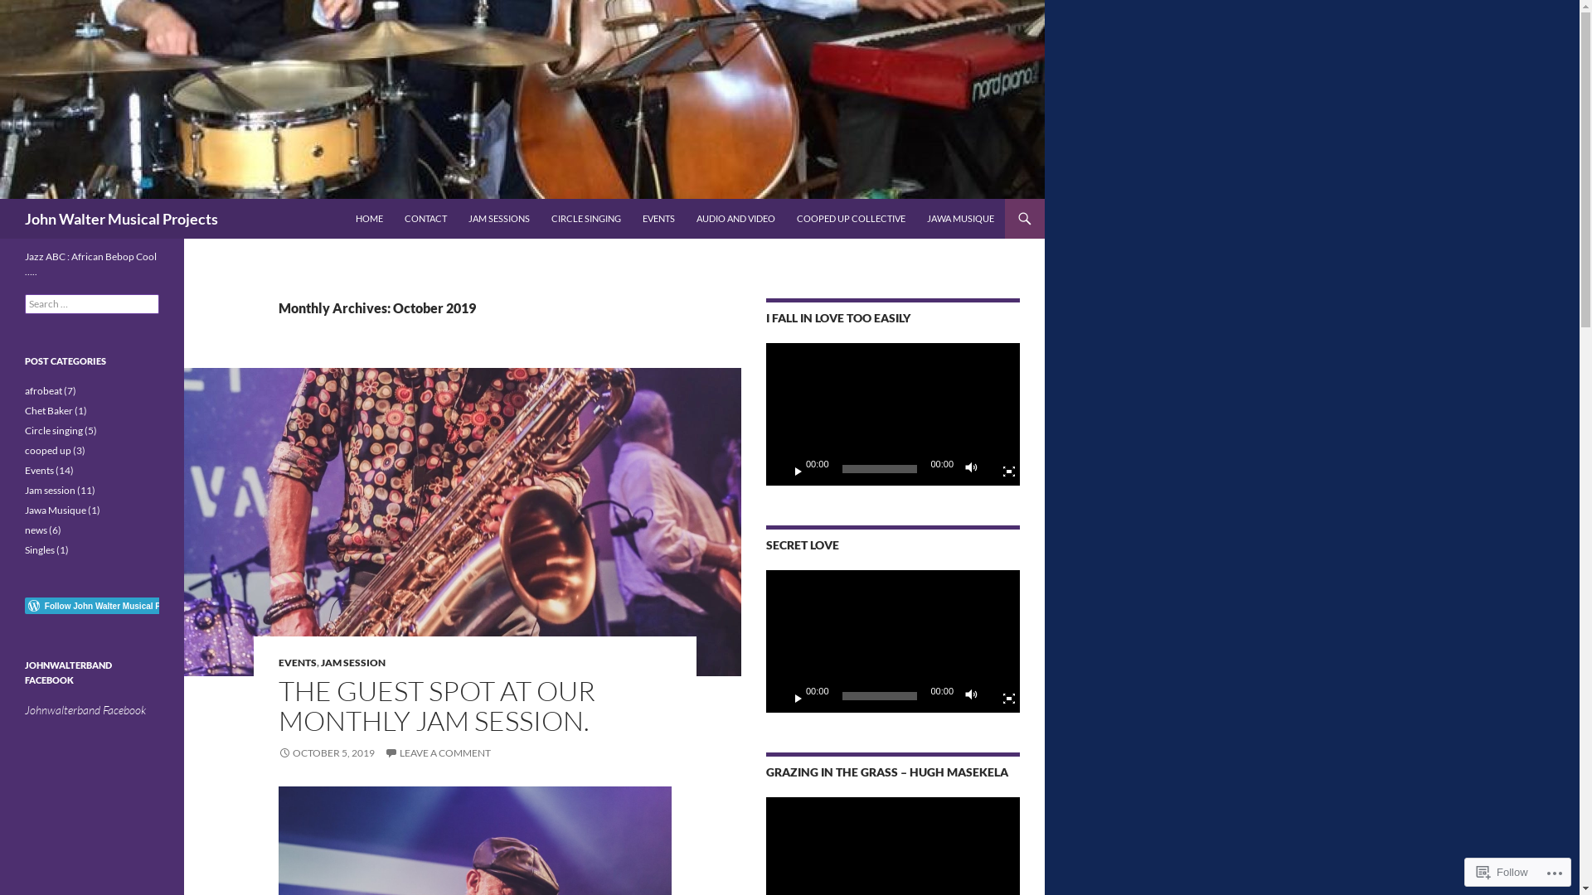 The height and width of the screenshot is (895, 1592). Describe the element at coordinates (498, 217) in the screenshot. I see `'JAM SESSIONS'` at that location.